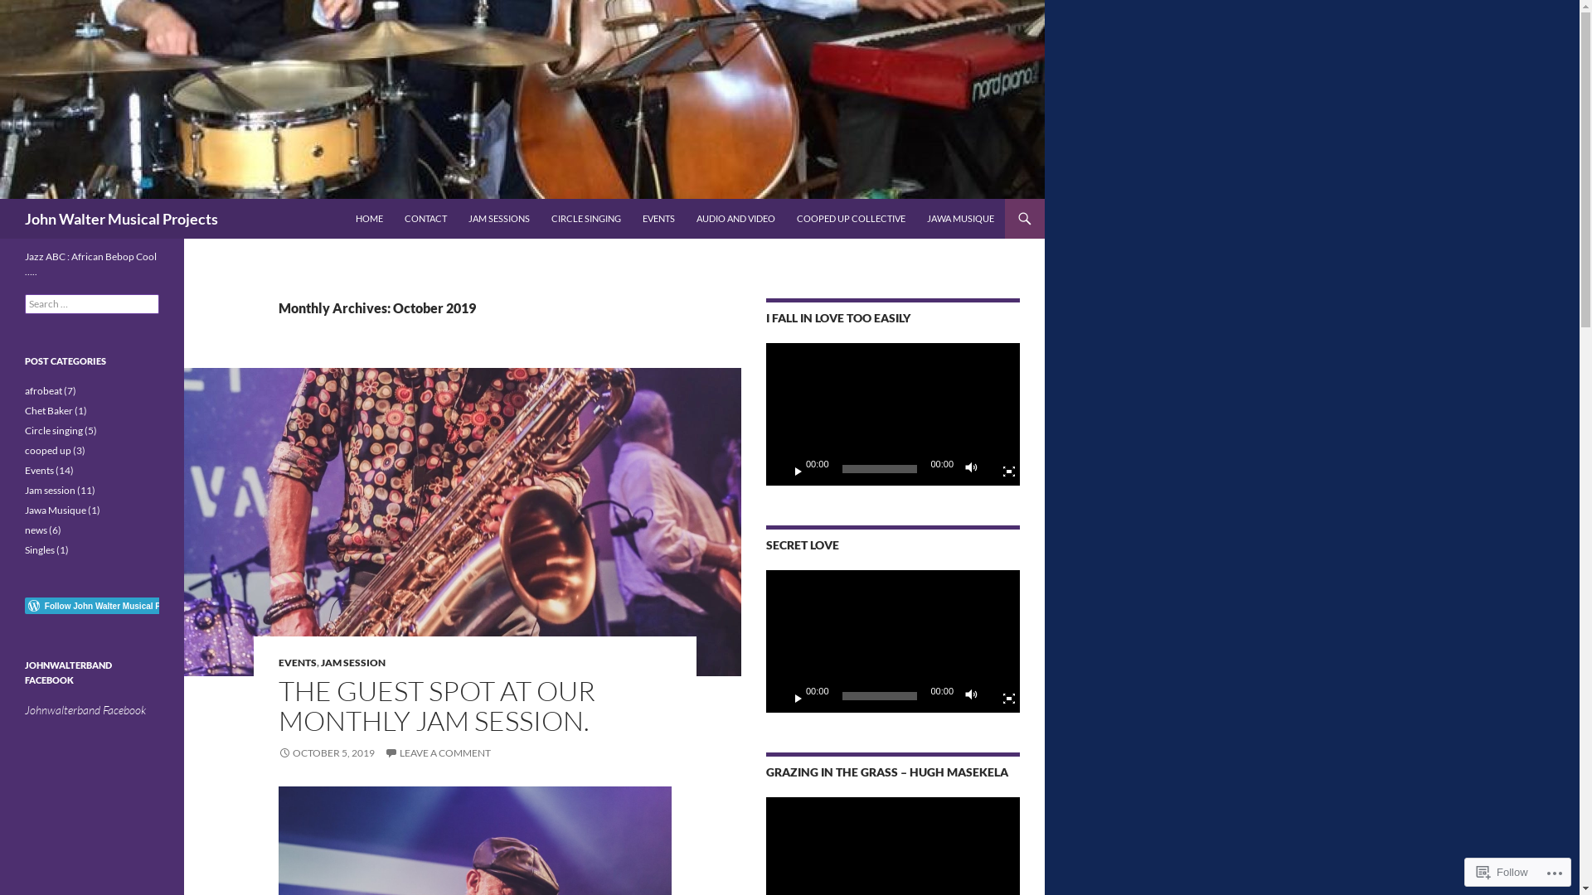 The height and width of the screenshot is (895, 1592). Describe the element at coordinates (498, 217) in the screenshot. I see `'JAM SESSIONS'` at that location.